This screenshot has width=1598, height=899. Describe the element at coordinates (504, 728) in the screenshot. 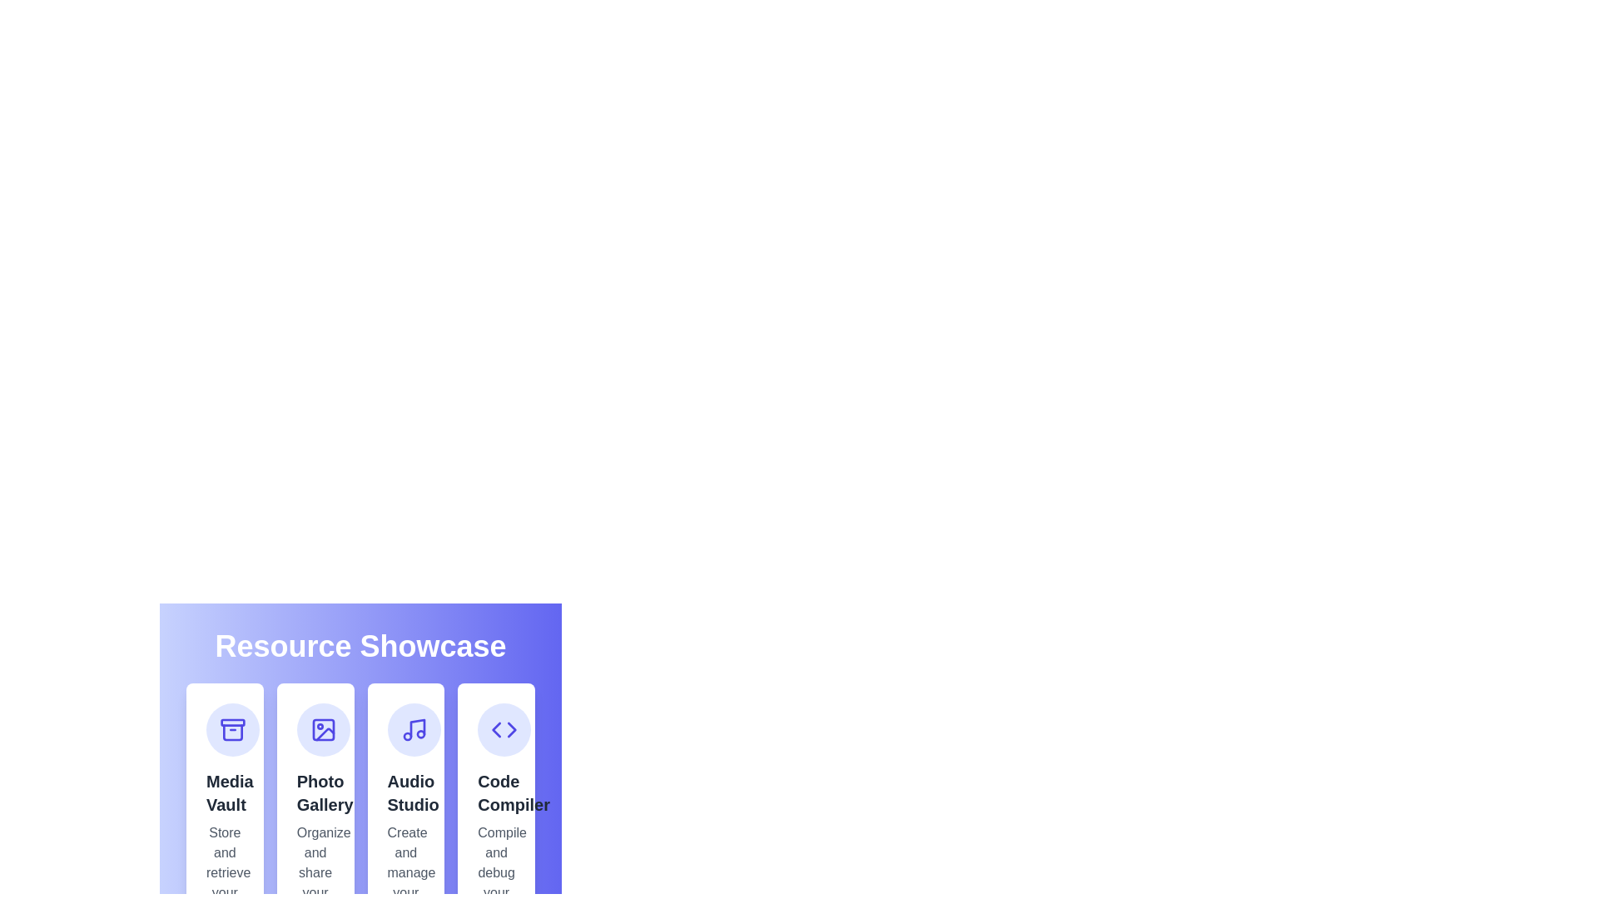

I see `the Decorative Icon element with a circular shape and code-related symbol, located at the top of the 'Code Compiler' card in the 'Resource Showcase' section` at that location.